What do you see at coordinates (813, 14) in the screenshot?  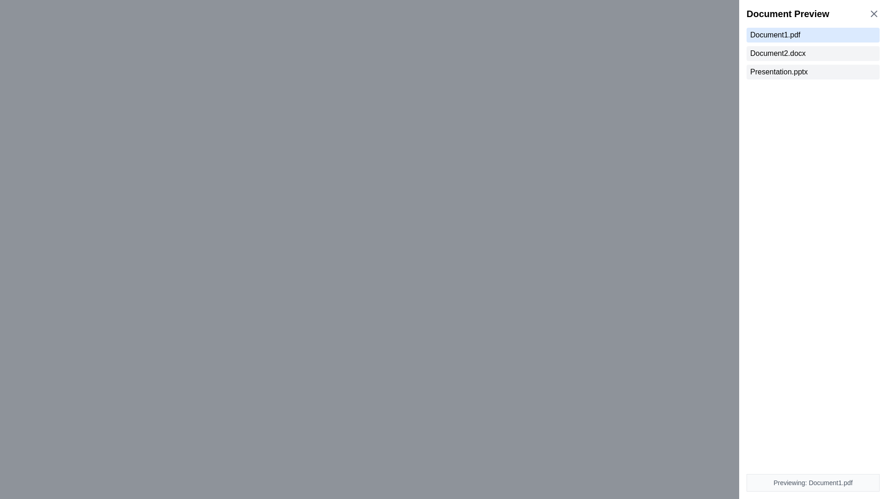 I see `the 'Document Preview' label text in the header at the top-right corner of the sidebar panel` at bounding box center [813, 14].